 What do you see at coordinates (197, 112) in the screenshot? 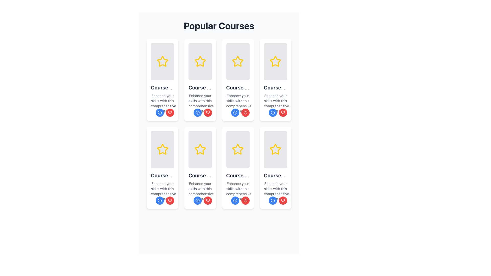
I see `the information button located in the second row, second column of the course cards grid` at bounding box center [197, 112].